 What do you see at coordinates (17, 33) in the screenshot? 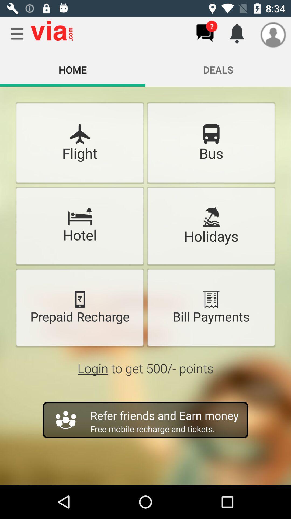
I see `menu` at bounding box center [17, 33].